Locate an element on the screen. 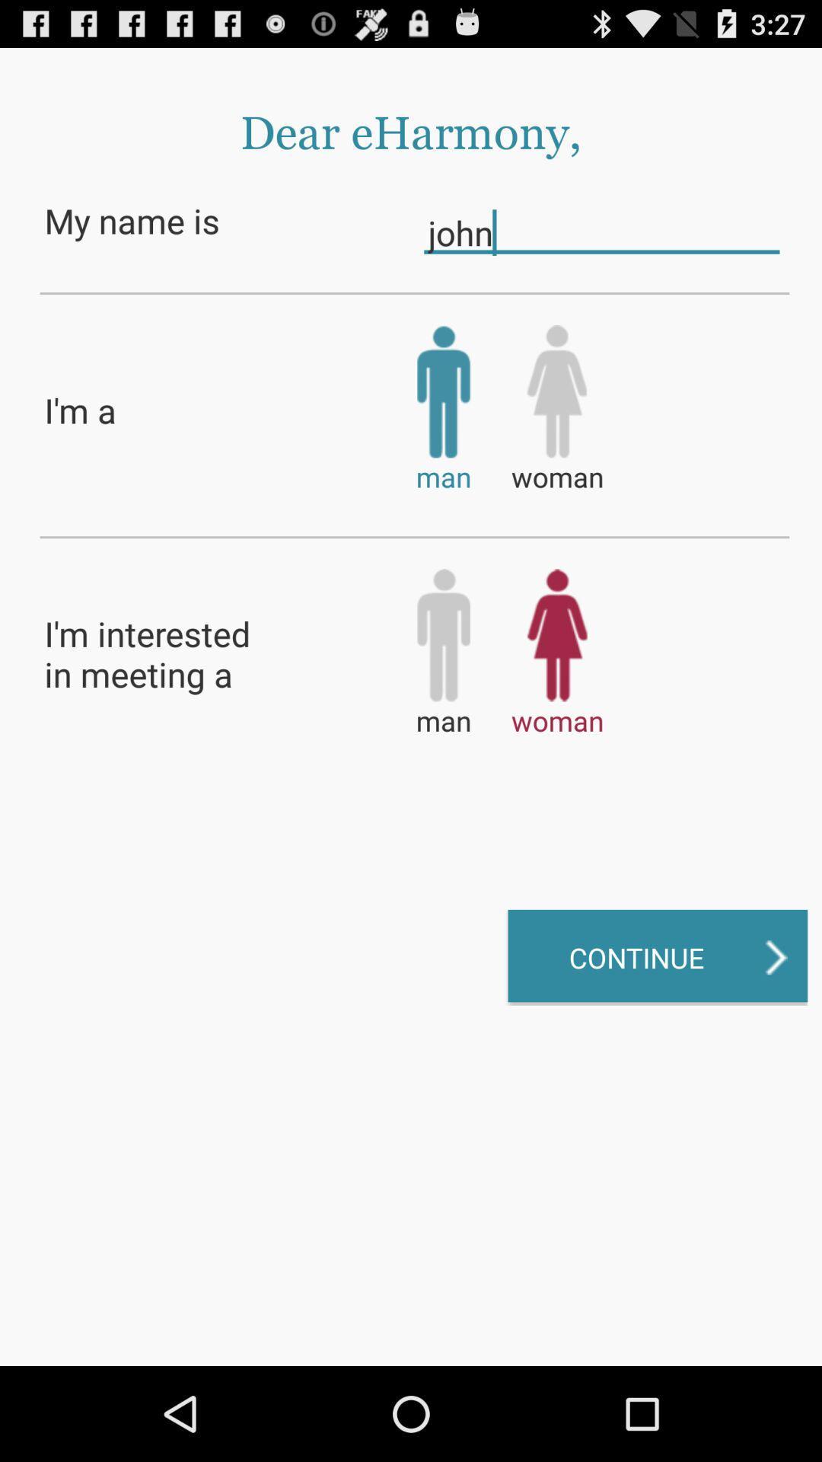 The image size is (822, 1462). the item below the dear eharmony, item is located at coordinates (601, 231).